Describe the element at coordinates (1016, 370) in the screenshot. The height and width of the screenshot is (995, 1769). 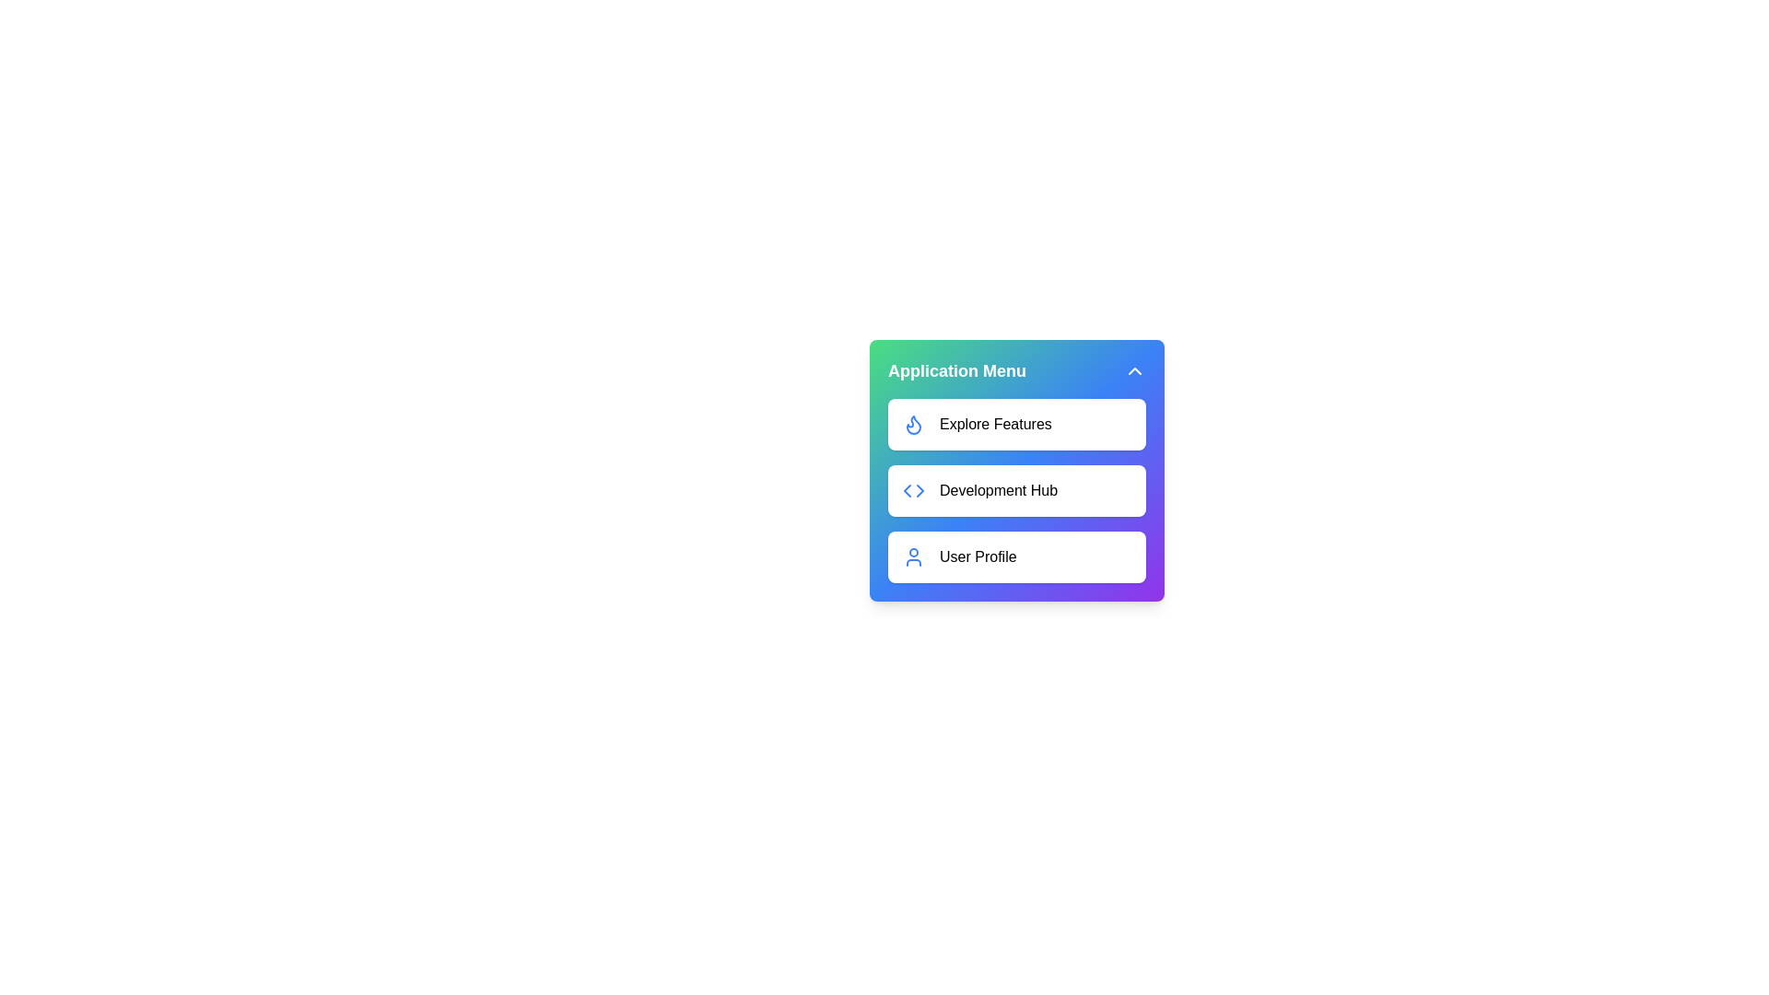
I see `the title 'Application Menu' to focus on it` at that location.